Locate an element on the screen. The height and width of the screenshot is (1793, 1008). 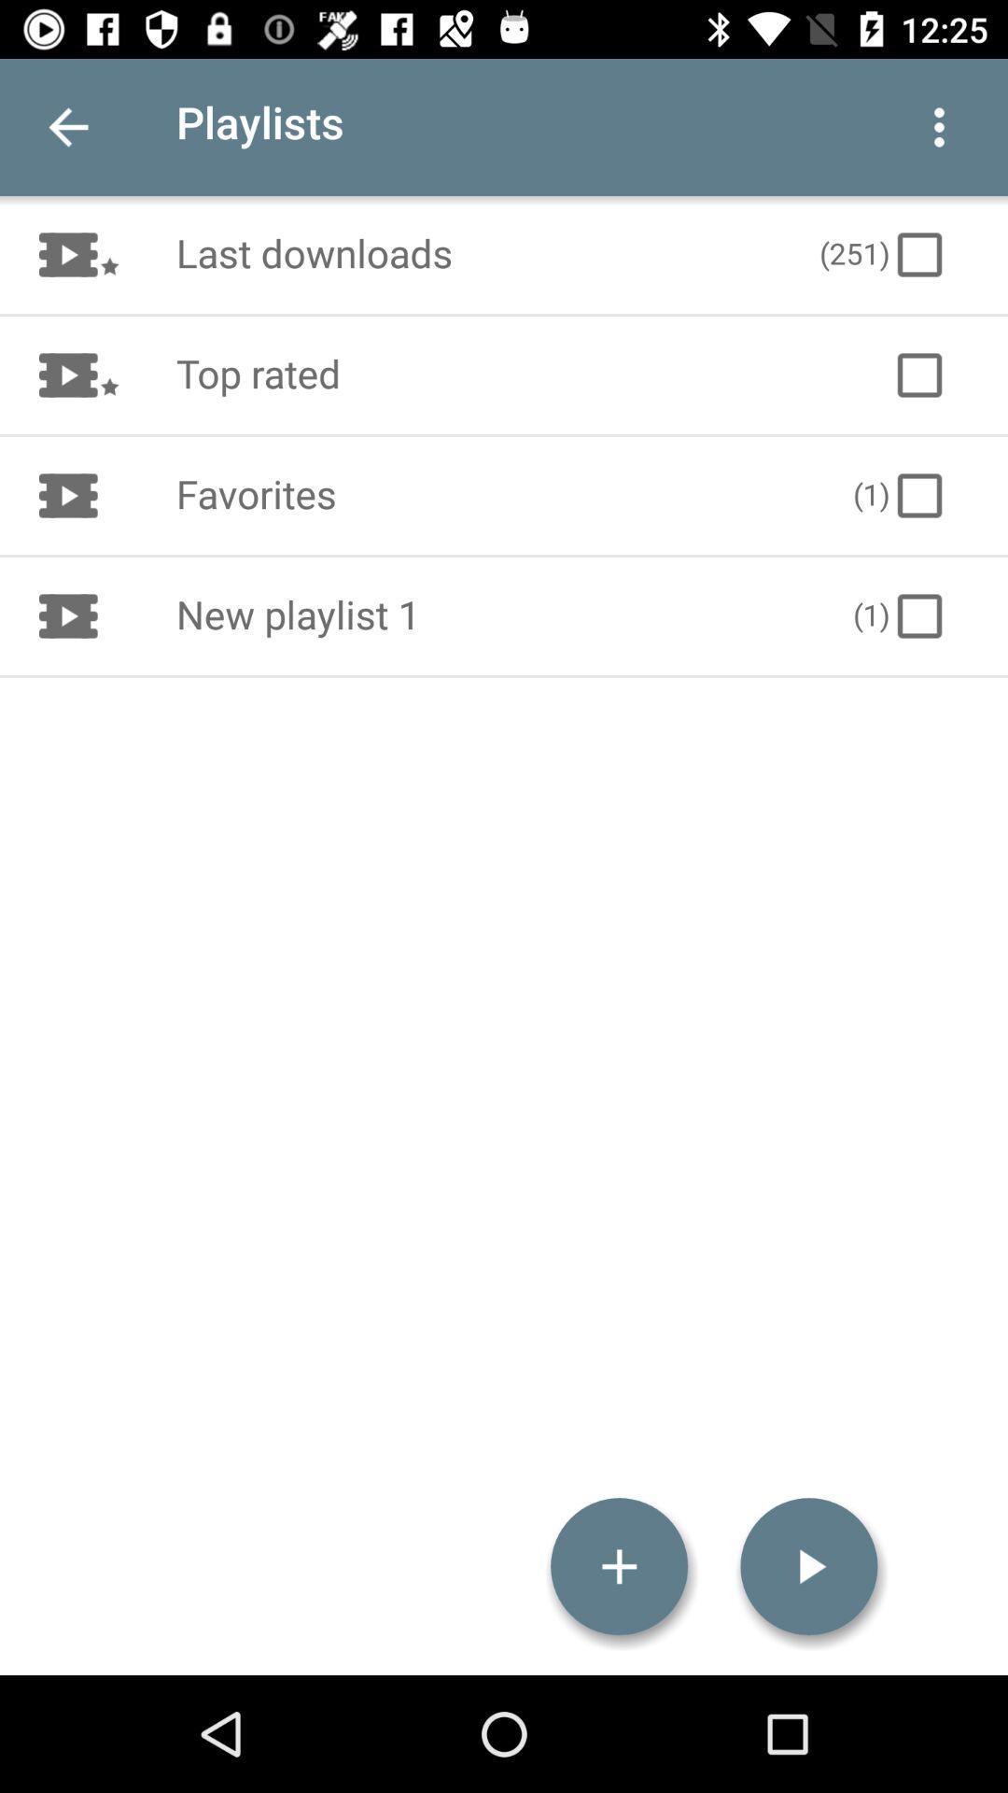
item next to (251) item is located at coordinates (477, 254).